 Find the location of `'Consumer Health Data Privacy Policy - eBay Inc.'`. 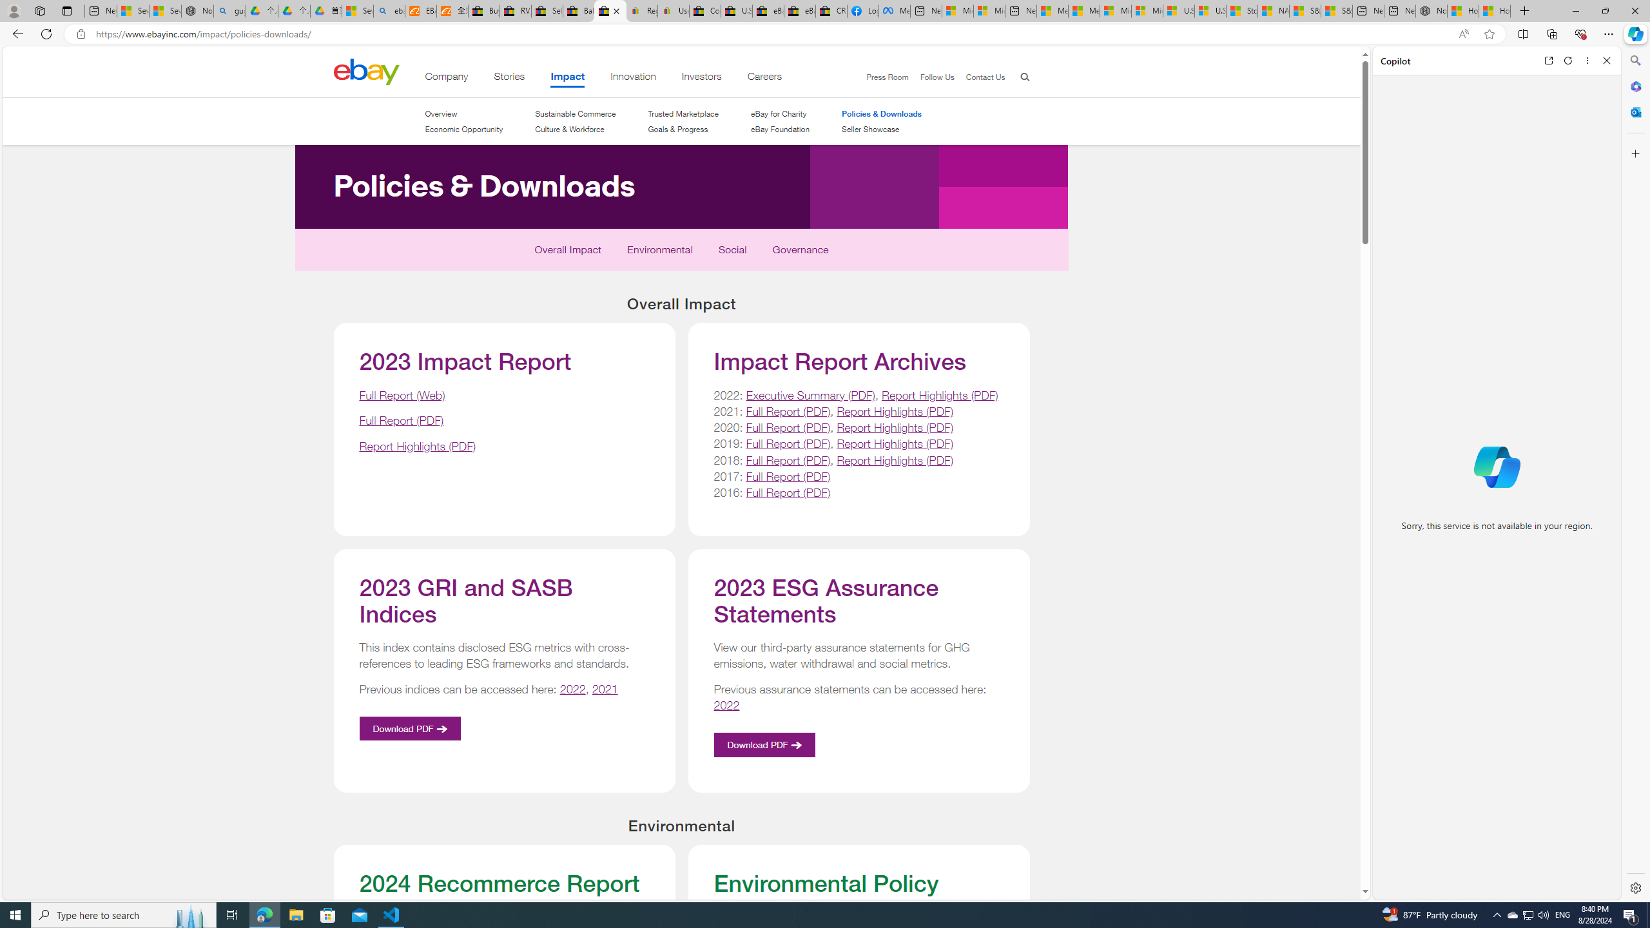

'Consumer Health Data Privacy Policy - eBay Inc.' is located at coordinates (704, 10).